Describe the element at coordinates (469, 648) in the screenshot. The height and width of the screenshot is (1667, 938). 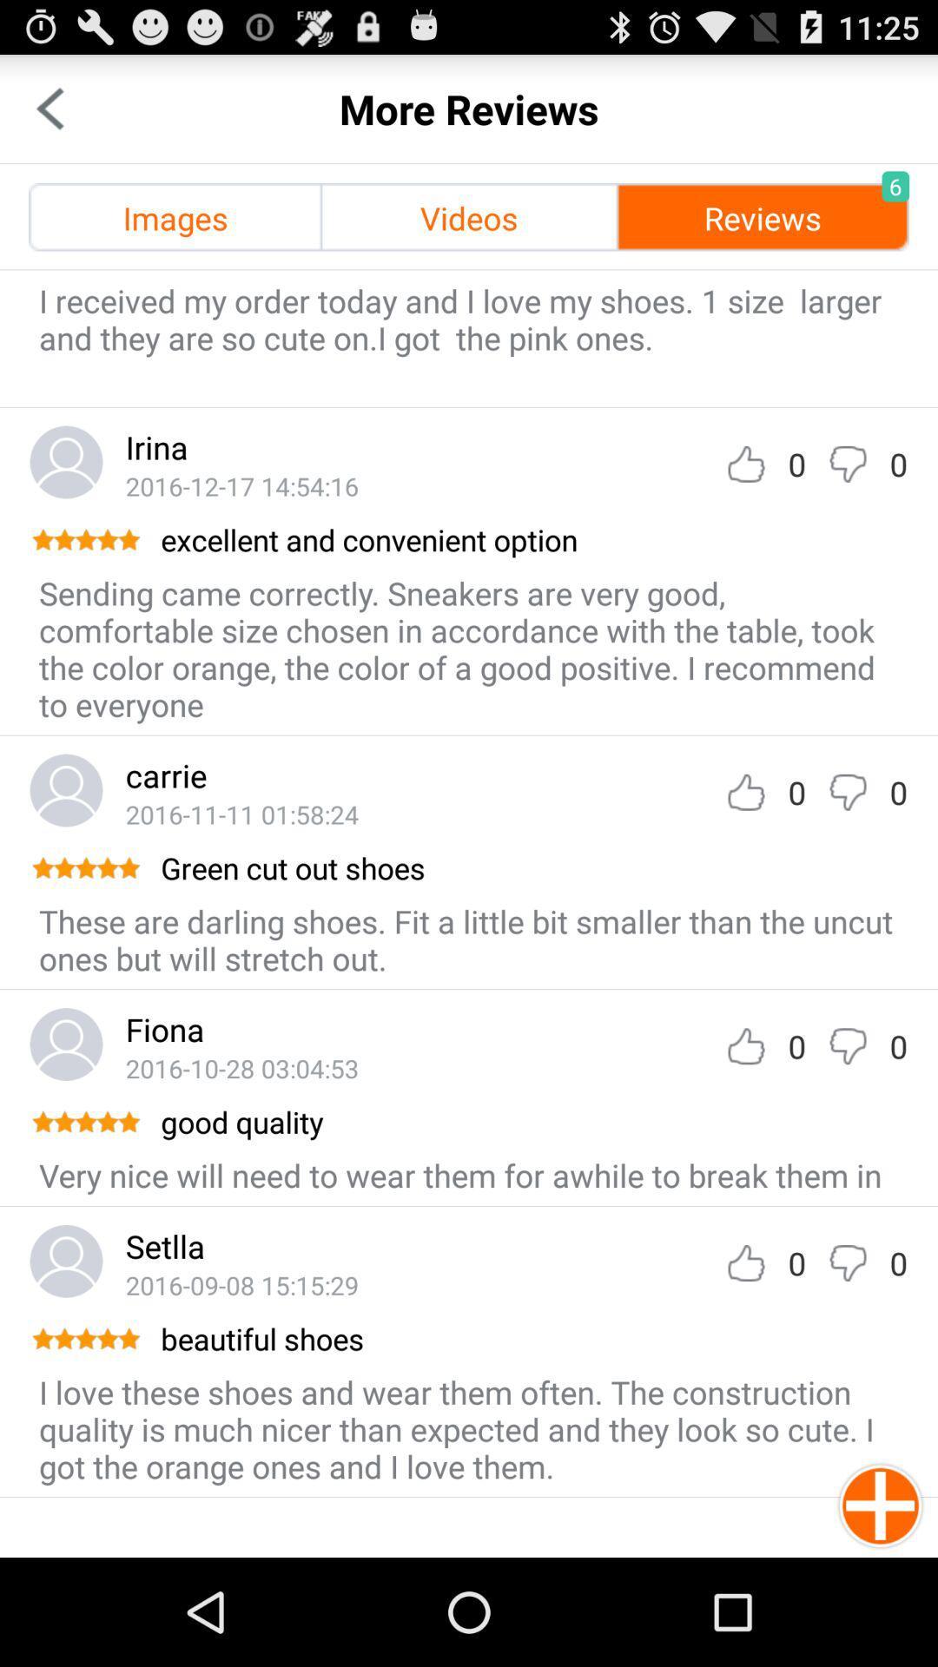
I see `the icon below the excellent and convenient item` at that location.